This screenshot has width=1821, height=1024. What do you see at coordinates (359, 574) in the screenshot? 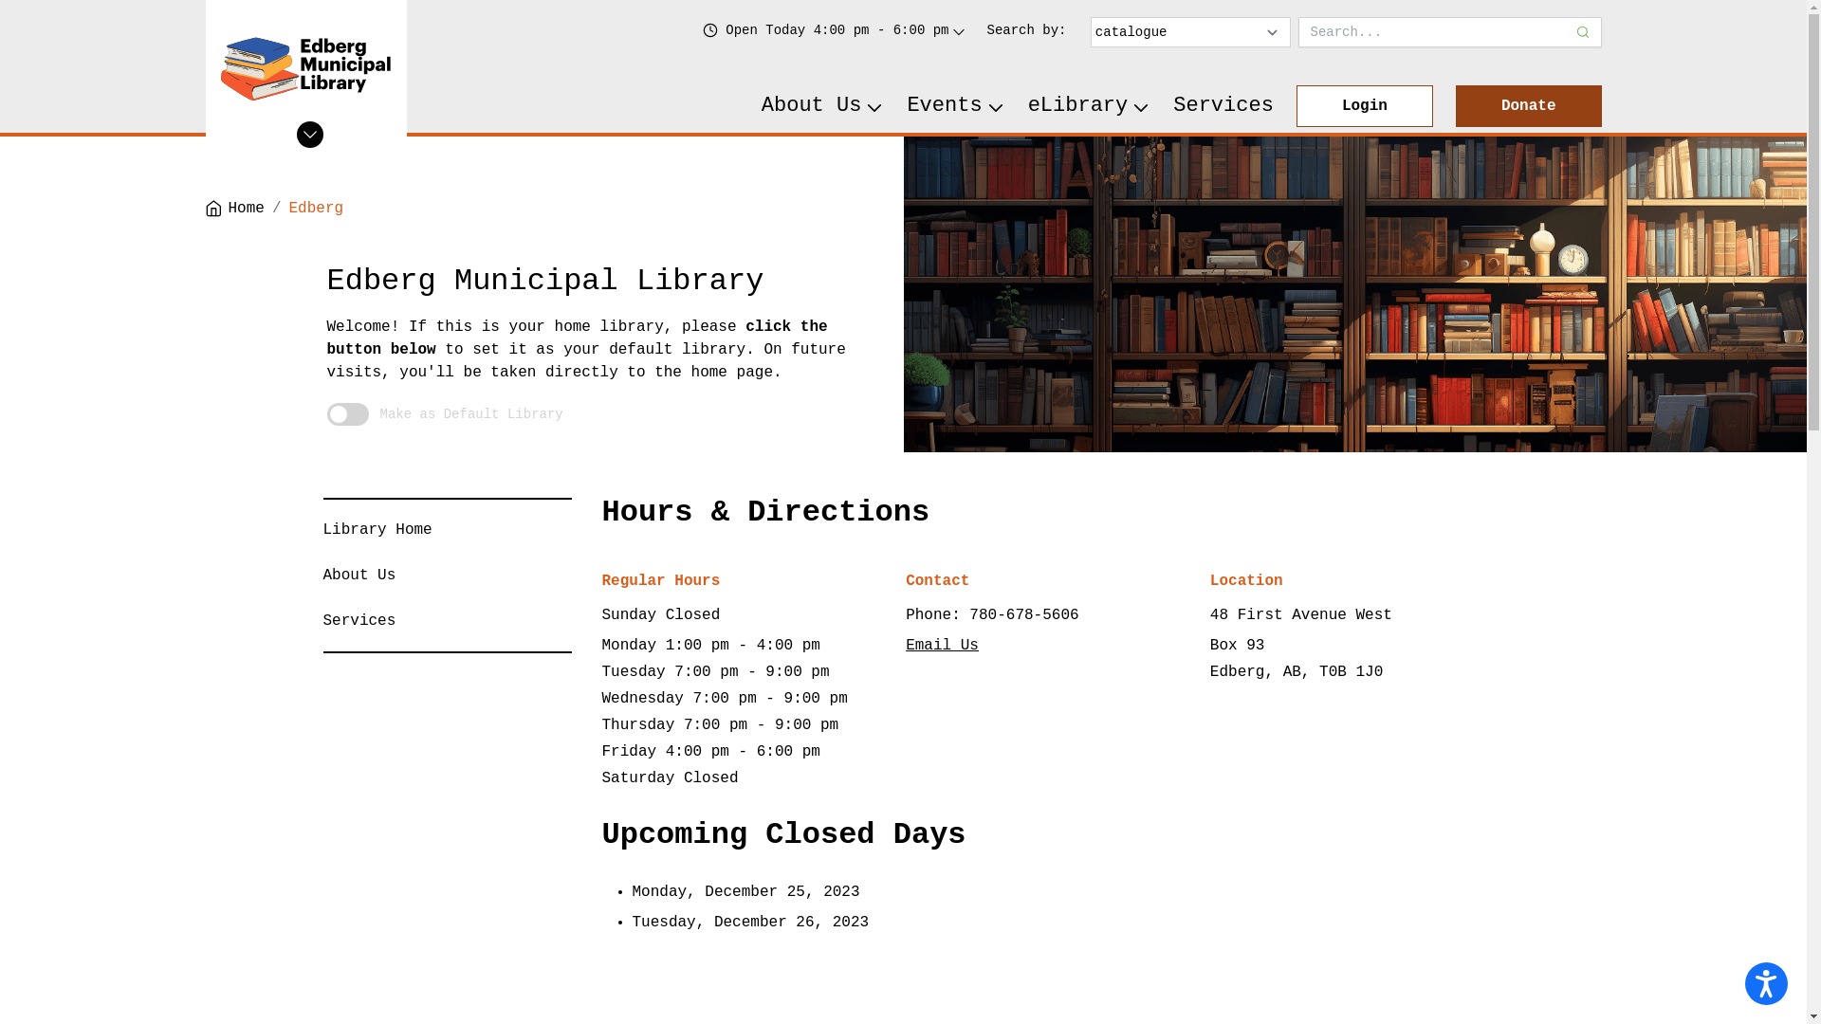
I see `'About Us'` at bounding box center [359, 574].